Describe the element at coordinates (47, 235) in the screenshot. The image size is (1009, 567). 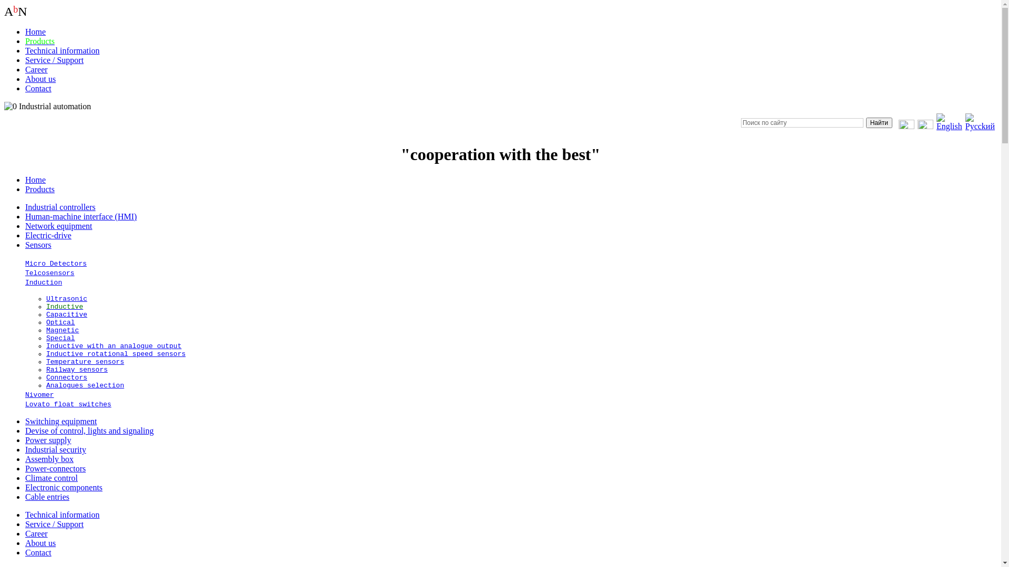
I see `'Electric-drive'` at that location.